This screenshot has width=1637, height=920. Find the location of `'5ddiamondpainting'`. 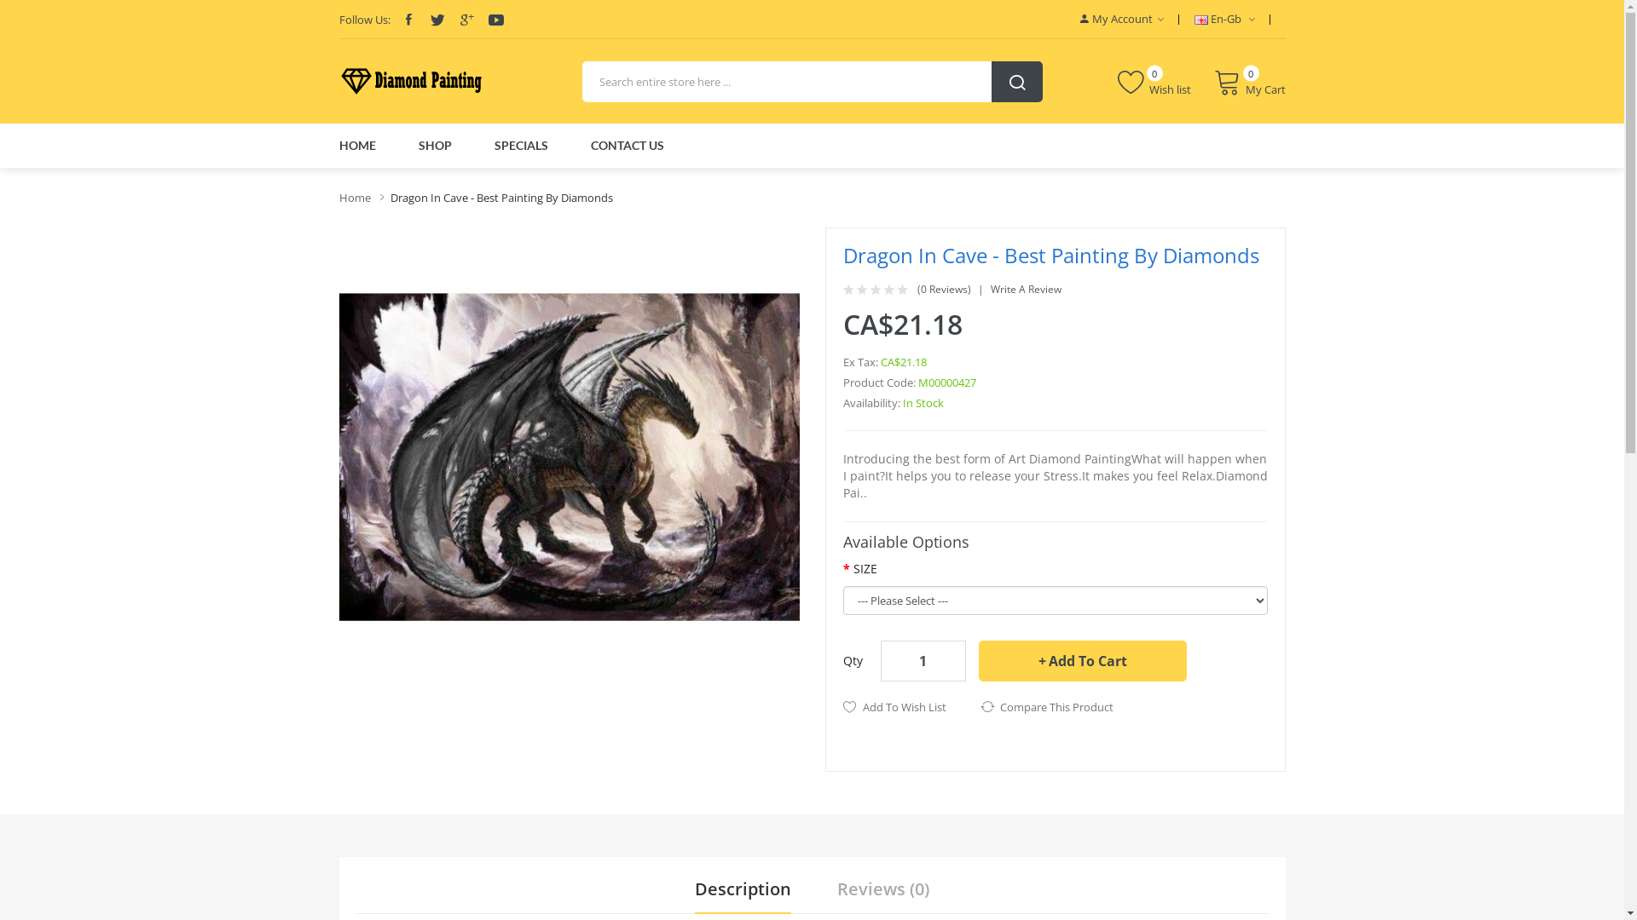

'5ddiamondpainting' is located at coordinates (412, 81).